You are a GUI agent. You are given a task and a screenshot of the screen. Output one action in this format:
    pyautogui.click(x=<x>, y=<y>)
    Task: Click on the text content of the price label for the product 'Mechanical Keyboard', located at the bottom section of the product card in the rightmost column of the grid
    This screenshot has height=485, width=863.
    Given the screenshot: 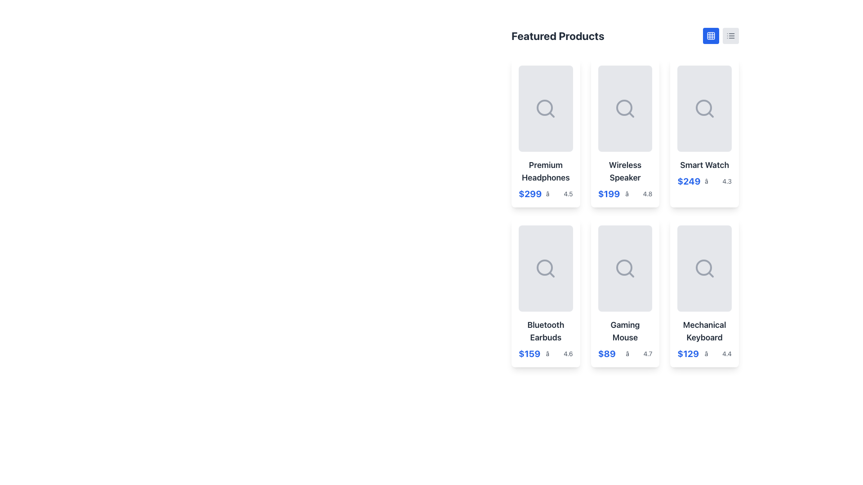 What is the action you would take?
    pyautogui.click(x=688, y=353)
    